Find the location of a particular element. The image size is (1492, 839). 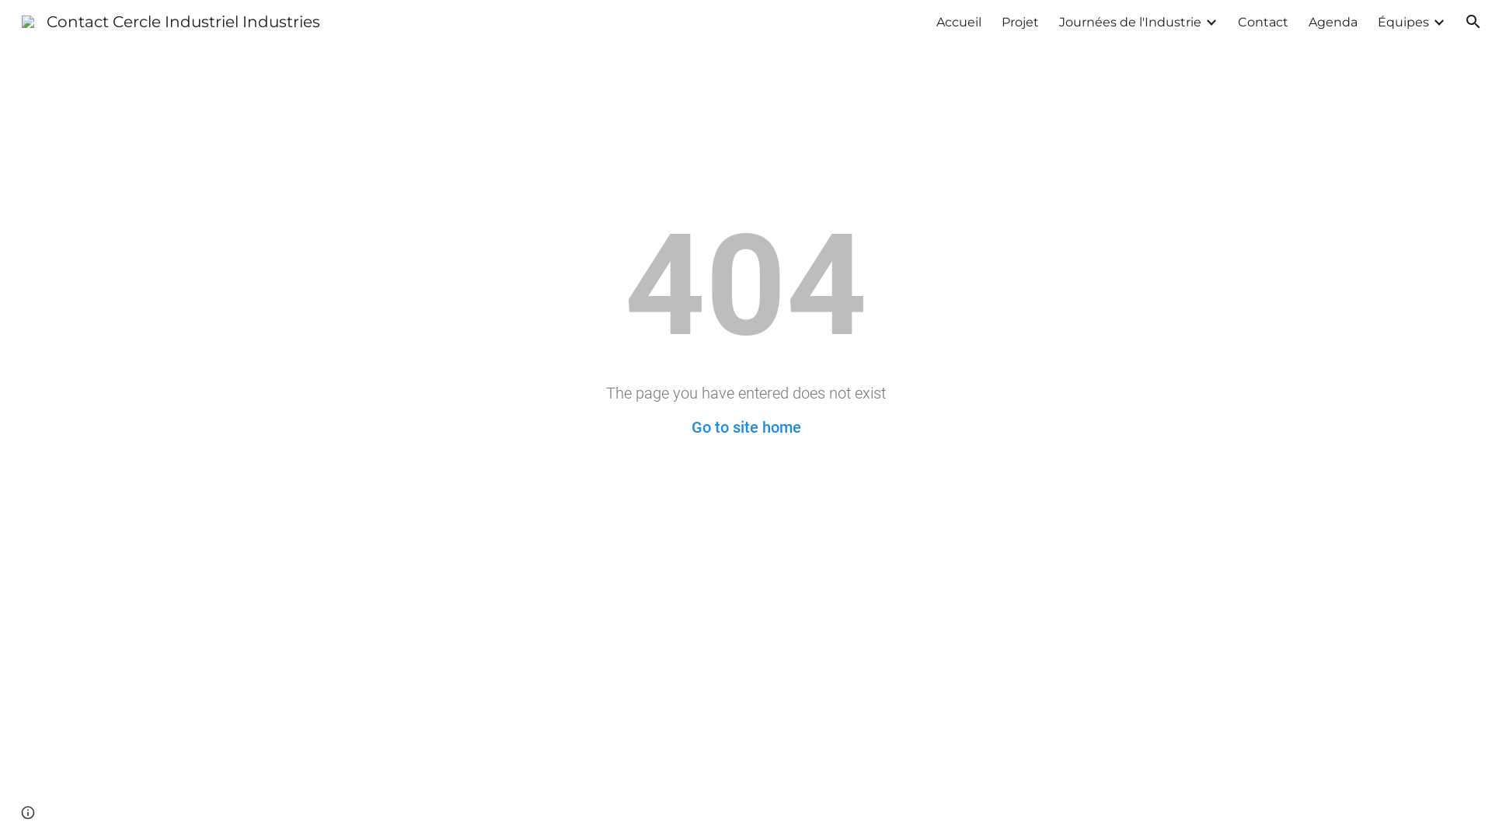

'Contact' is located at coordinates (1263, 21).